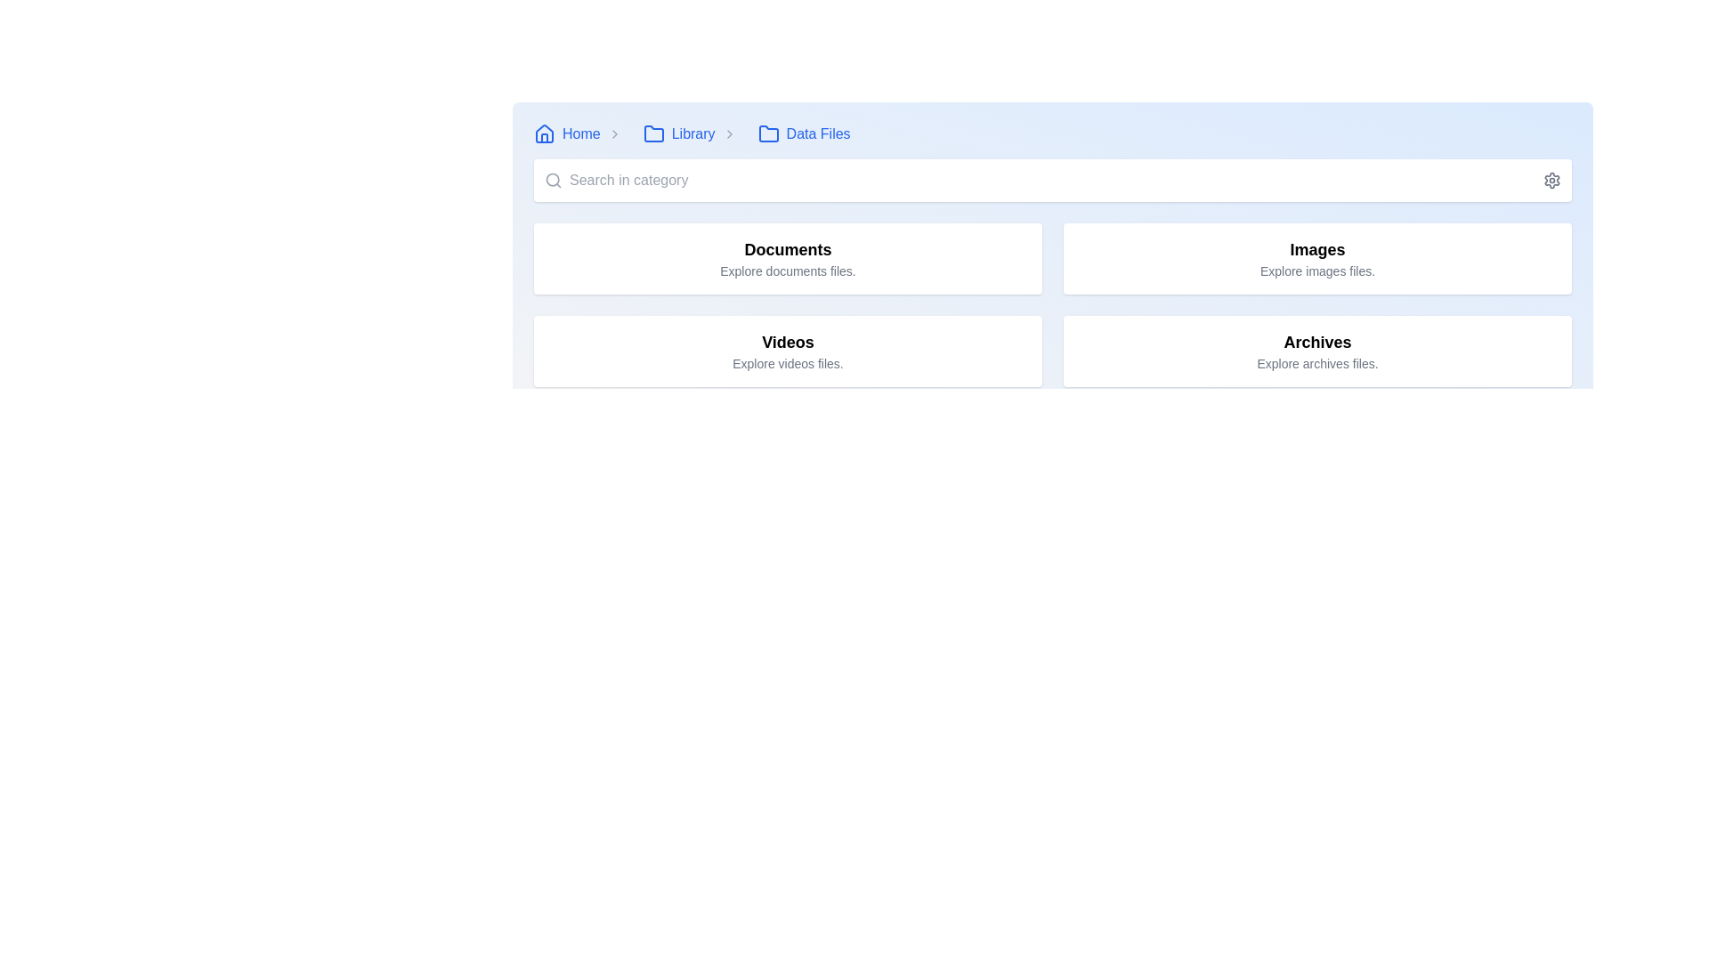 The image size is (1709, 961). What do you see at coordinates (552, 180) in the screenshot?
I see `the circular portion of the SVG-based search icon located in the navigation bar` at bounding box center [552, 180].